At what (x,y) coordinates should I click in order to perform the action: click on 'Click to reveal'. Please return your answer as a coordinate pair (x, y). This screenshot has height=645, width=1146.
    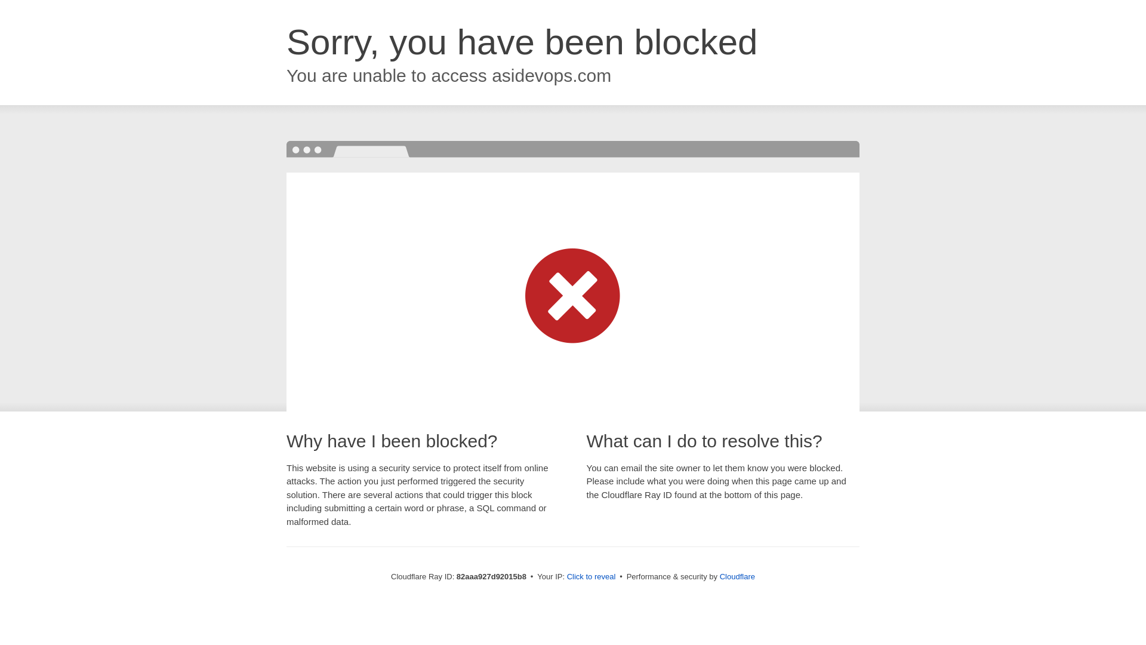
    Looking at the image, I should click on (591, 576).